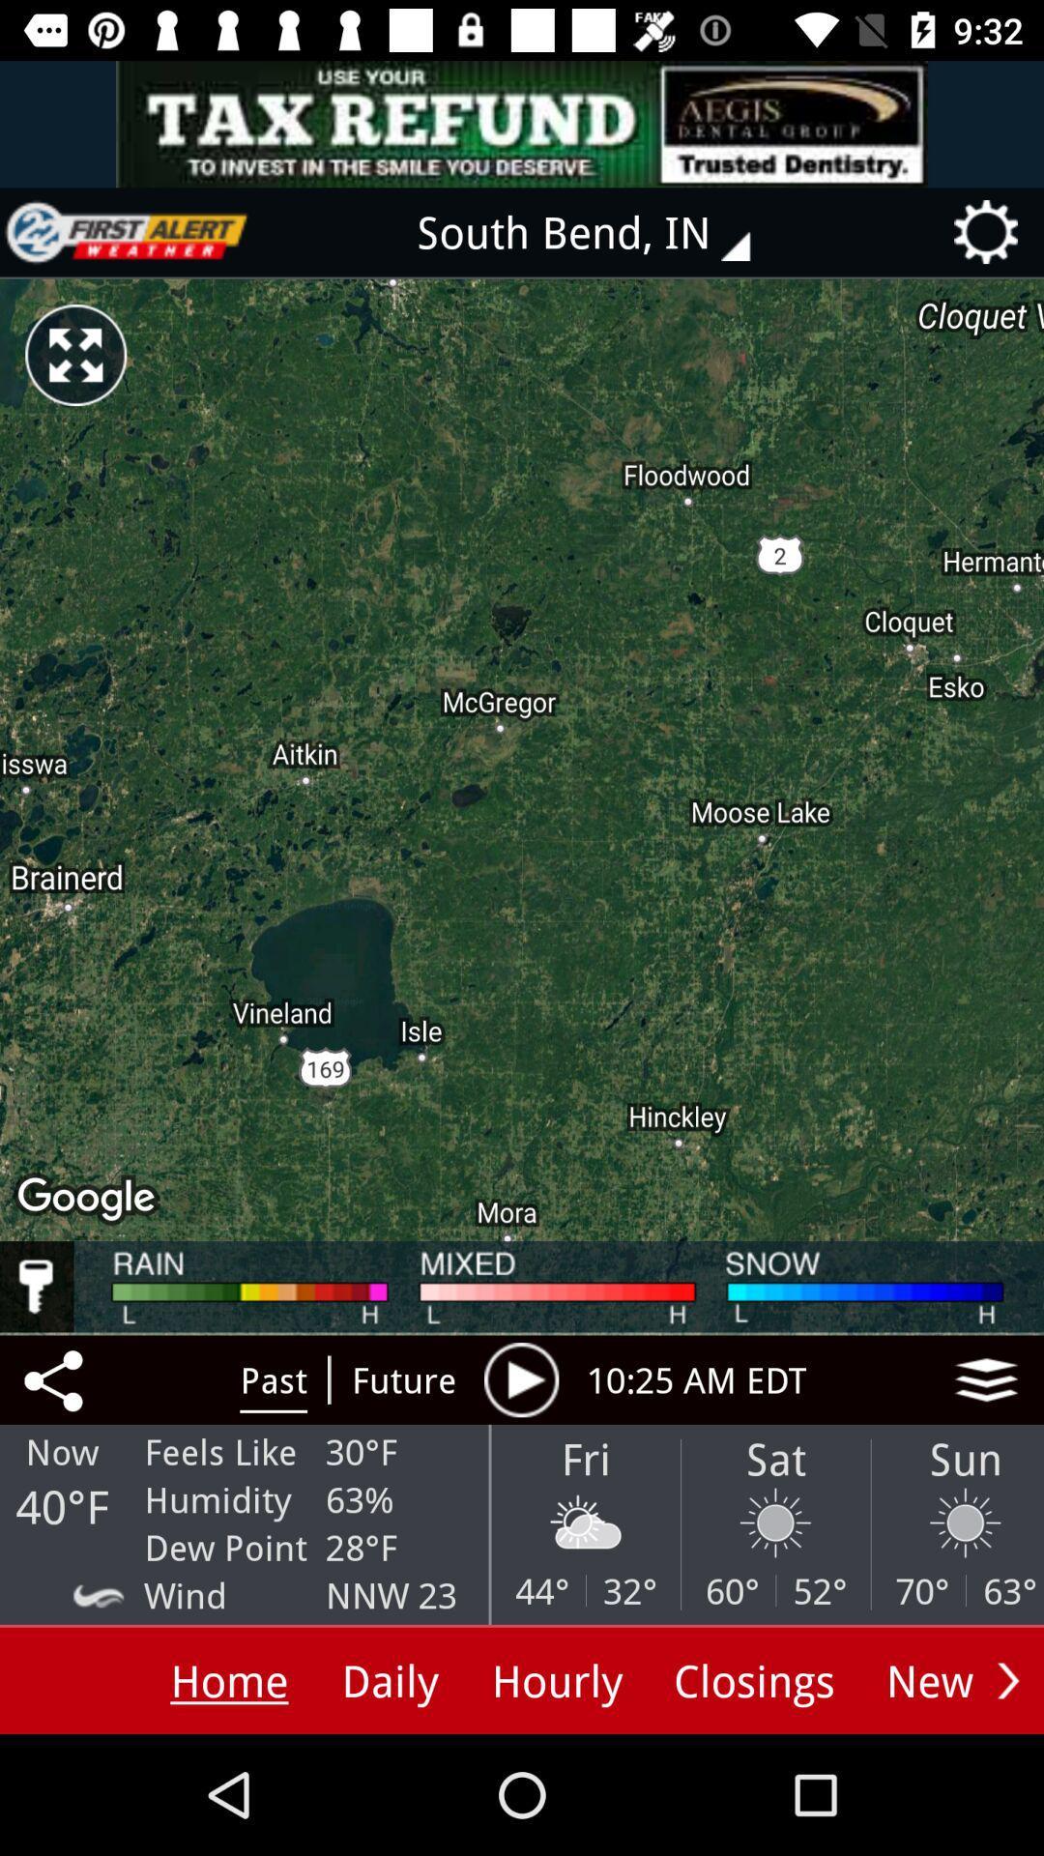 The width and height of the screenshot is (1044, 1856). I want to click on play, so click(520, 1378).